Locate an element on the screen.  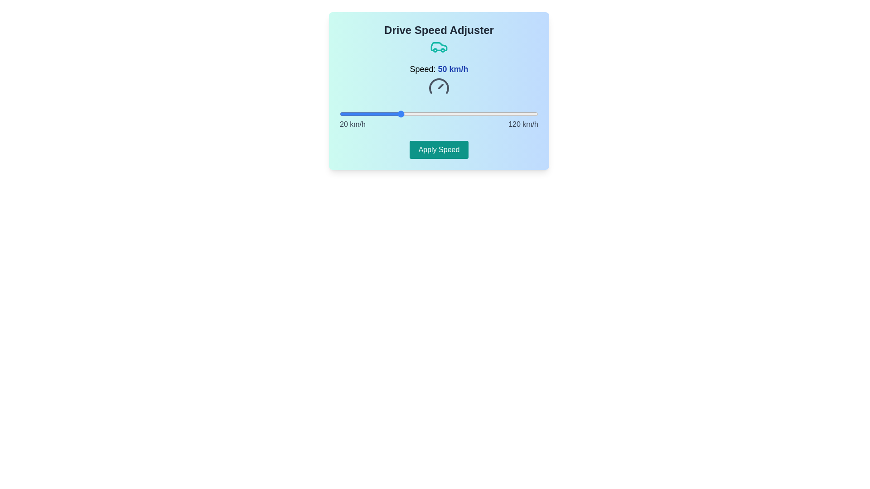
the speed slider to set the speed to 34 km/h is located at coordinates (367, 113).